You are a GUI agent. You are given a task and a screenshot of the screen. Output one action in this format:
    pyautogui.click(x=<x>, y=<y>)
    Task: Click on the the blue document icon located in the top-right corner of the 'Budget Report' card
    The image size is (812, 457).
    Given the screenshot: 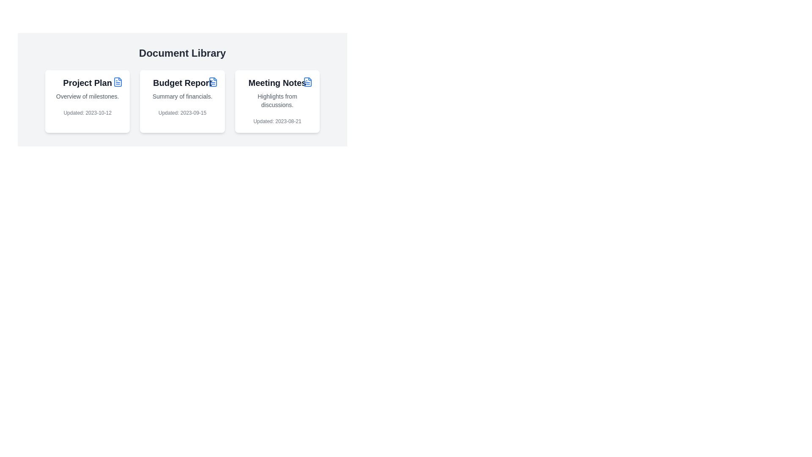 What is the action you would take?
    pyautogui.click(x=213, y=82)
    